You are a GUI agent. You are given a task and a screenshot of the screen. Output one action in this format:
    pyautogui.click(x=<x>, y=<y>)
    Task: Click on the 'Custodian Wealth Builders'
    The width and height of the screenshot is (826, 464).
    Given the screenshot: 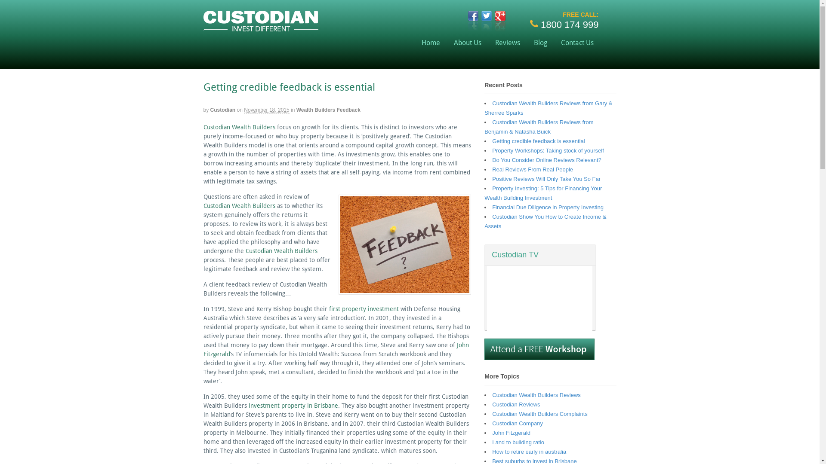 What is the action you would take?
    pyautogui.click(x=202, y=205)
    